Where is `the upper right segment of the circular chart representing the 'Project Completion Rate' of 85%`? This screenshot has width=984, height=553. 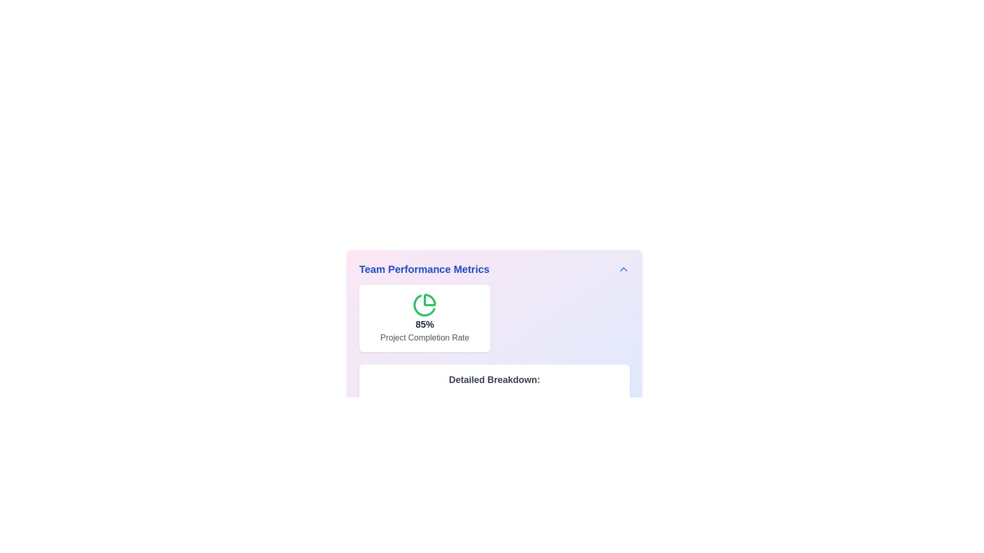
the upper right segment of the circular chart representing the 'Project Completion Rate' of 85% is located at coordinates (430, 300).